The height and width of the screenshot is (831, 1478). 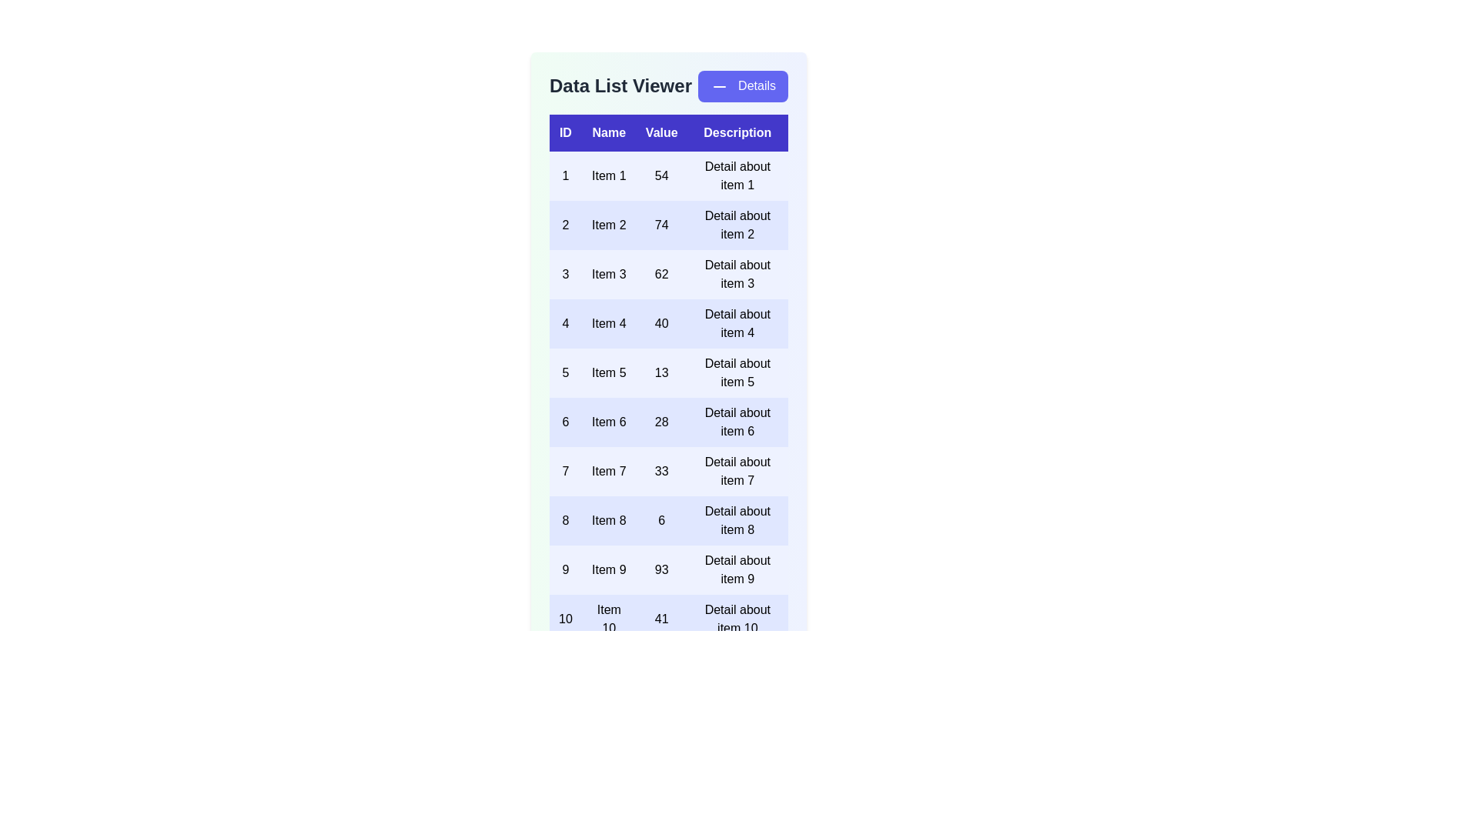 What do you see at coordinates (743, 86) in the screenshot?
I see `the 'Details' button to toggle the visibility of the details column` at bounding box center [743, 86].